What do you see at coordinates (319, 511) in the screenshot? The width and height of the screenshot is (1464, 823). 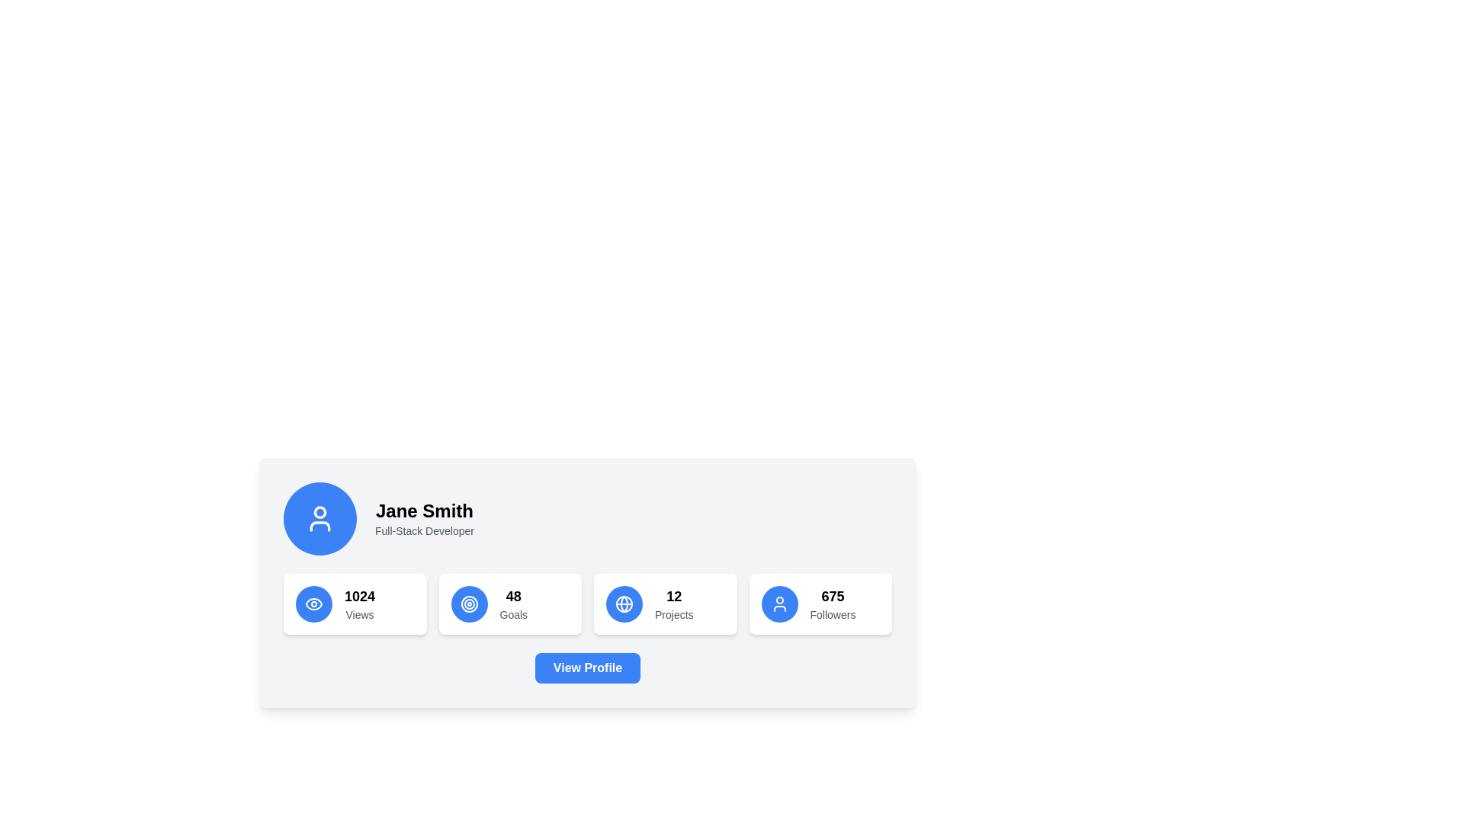 I see `the circular SVG graphic element representing the user avatar located at the top-left region of the user card panel` at bounding box center [319, 511].